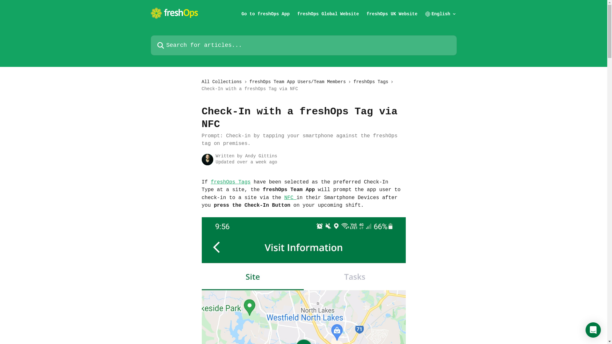 The image size is (612, 344). What do you see at coordinates (230, 182) in the screenshot?
I see `'freshOps Tags'` at bounding box center [230, 182].